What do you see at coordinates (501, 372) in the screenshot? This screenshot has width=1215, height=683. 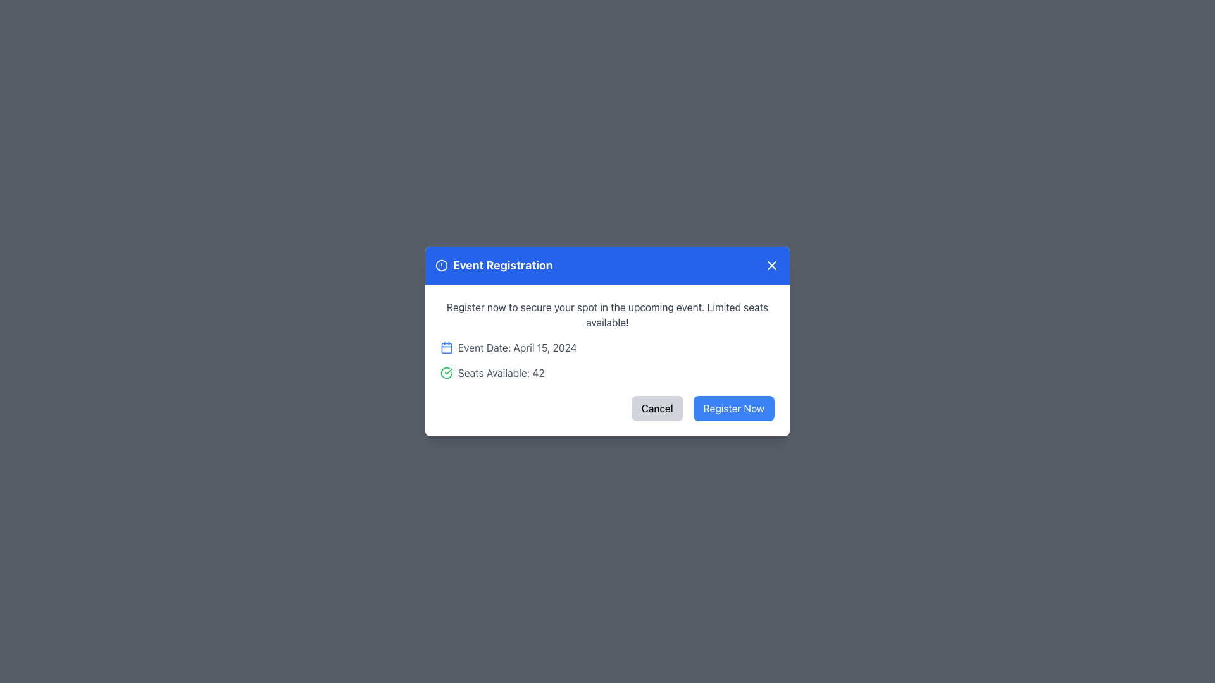 I see `the Text Label that indicates the number of available seats for the event within the 'Event Registration' modal dialog to trigger a UI reaction` at bounding box center [501, 372].